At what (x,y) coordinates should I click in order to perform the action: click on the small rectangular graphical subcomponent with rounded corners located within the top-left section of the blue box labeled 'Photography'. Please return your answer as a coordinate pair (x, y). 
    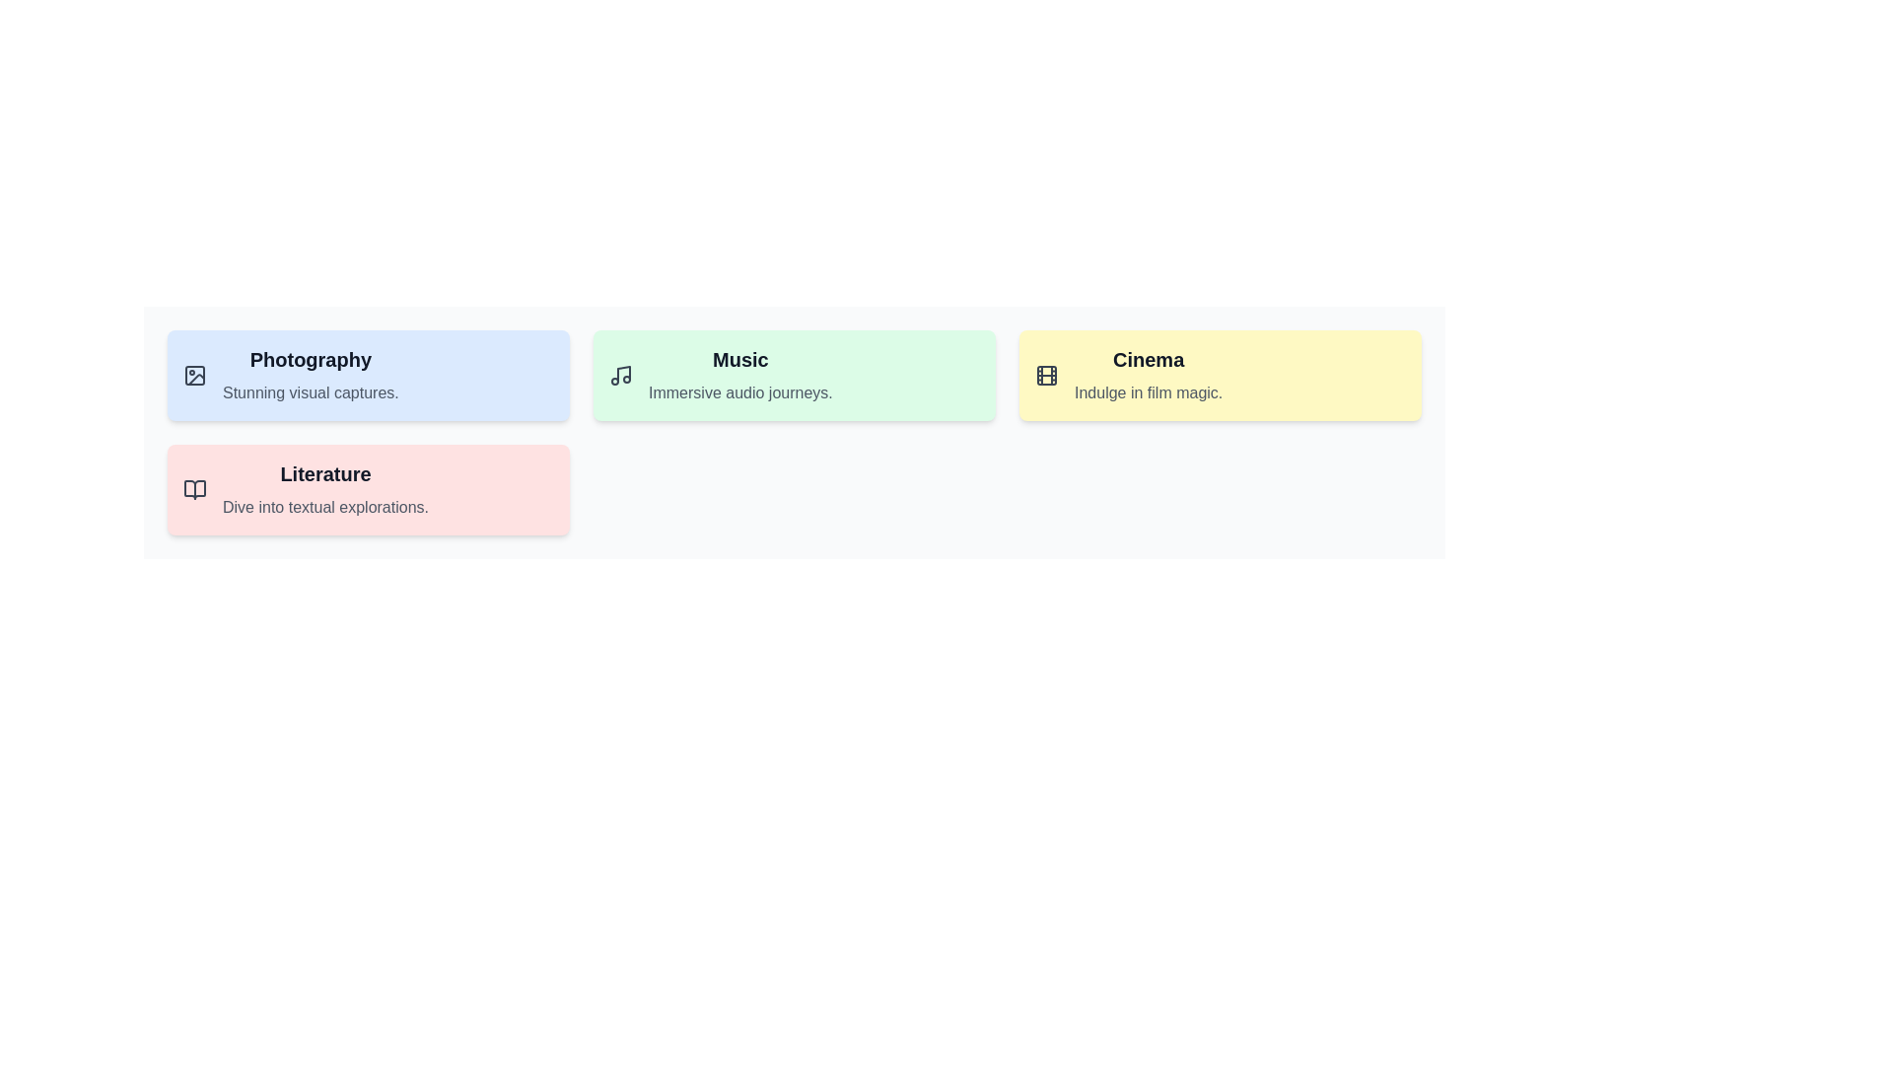
    Looking at the image, I should click on (194, 376).